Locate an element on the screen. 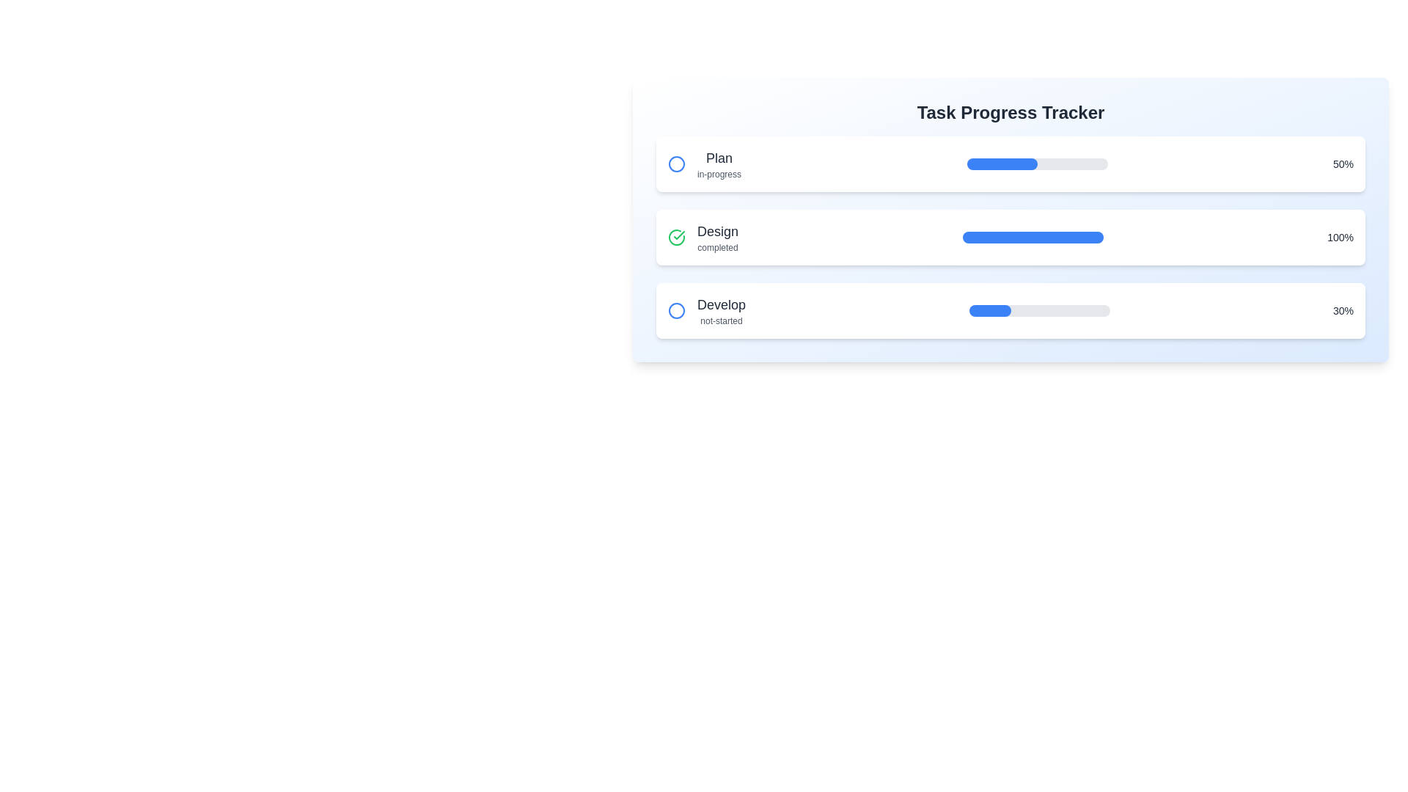 Image resolution: width=1408 pixels, height=792 pixels. the static text label that indicates the status of the task 'Plan', located directly below the bolded 'Plan' in the 'Task Progress Tracker' is located at coordinates (719, 174).